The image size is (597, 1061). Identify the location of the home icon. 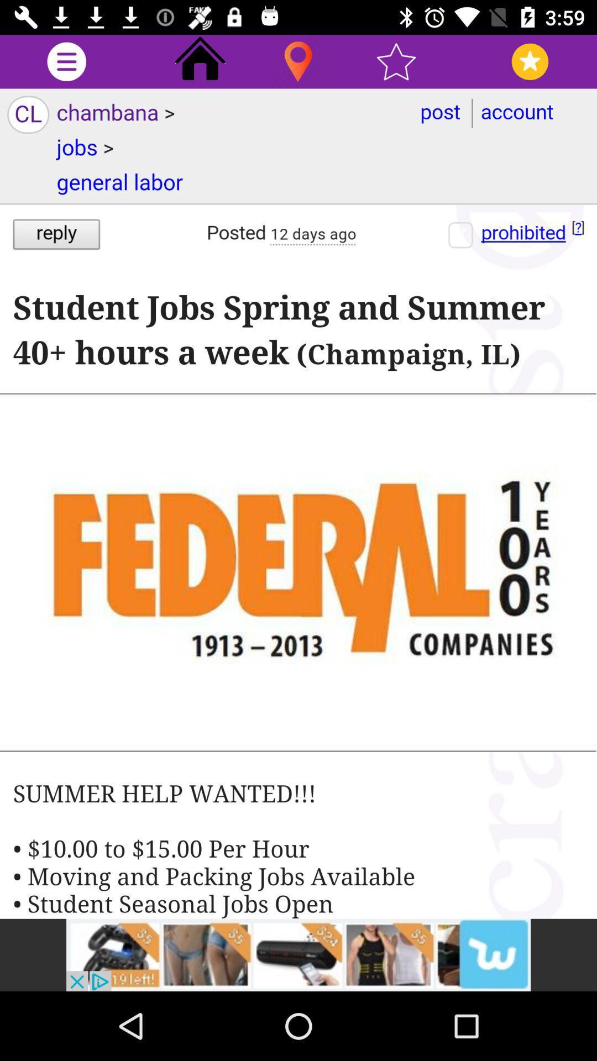
(200, 61).